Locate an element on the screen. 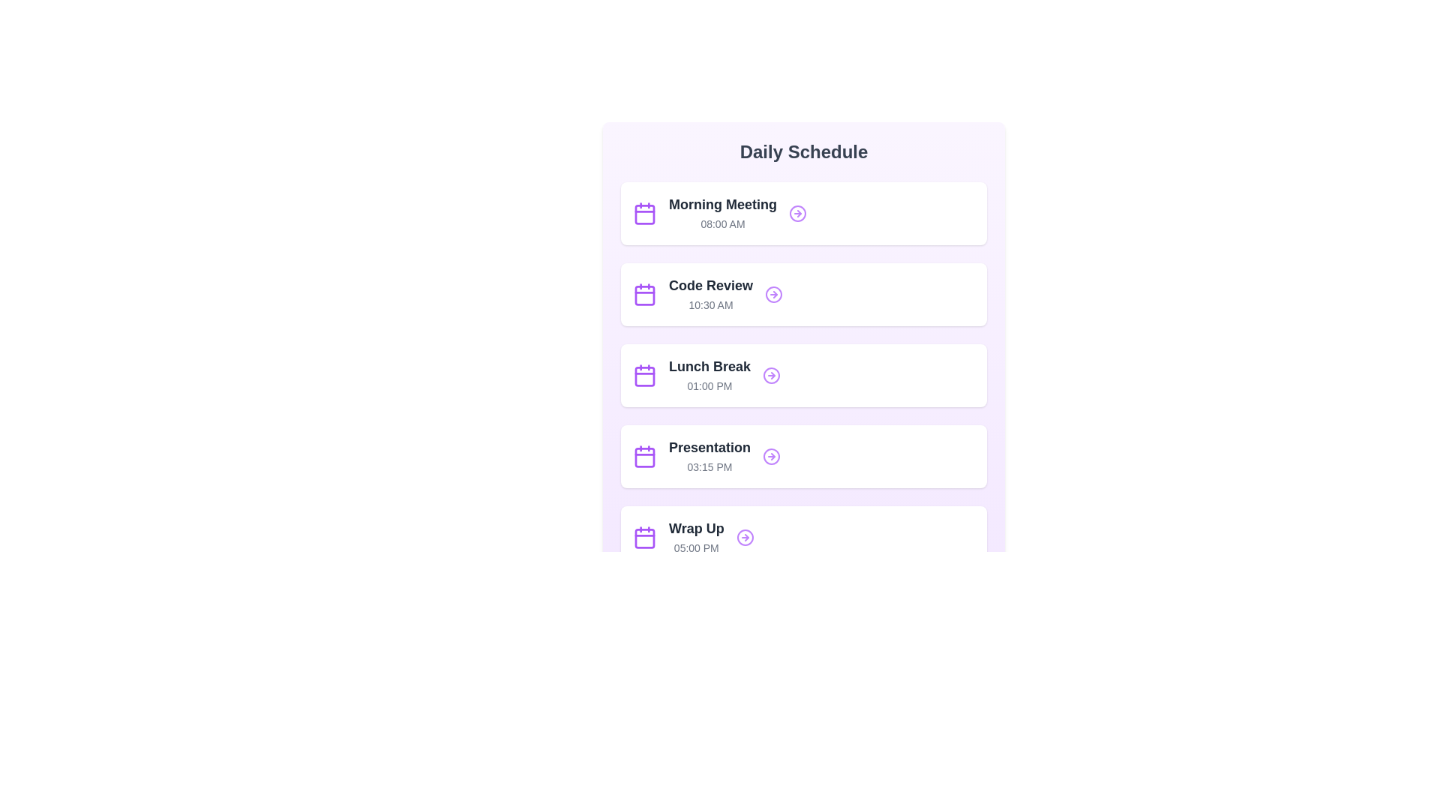  the leftmost icon in the 'Presentation' event block is located at coordinates (644, 456).